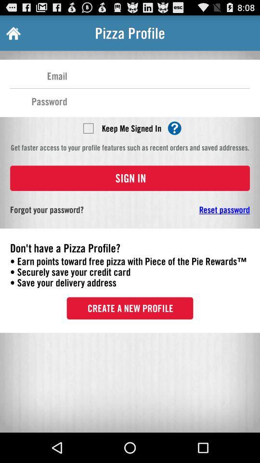 This screenshot has width=260, height=463. What do you see at coordinates (158, 75) in the screenshot?
I see `email address` at bounding box center [158, 75].